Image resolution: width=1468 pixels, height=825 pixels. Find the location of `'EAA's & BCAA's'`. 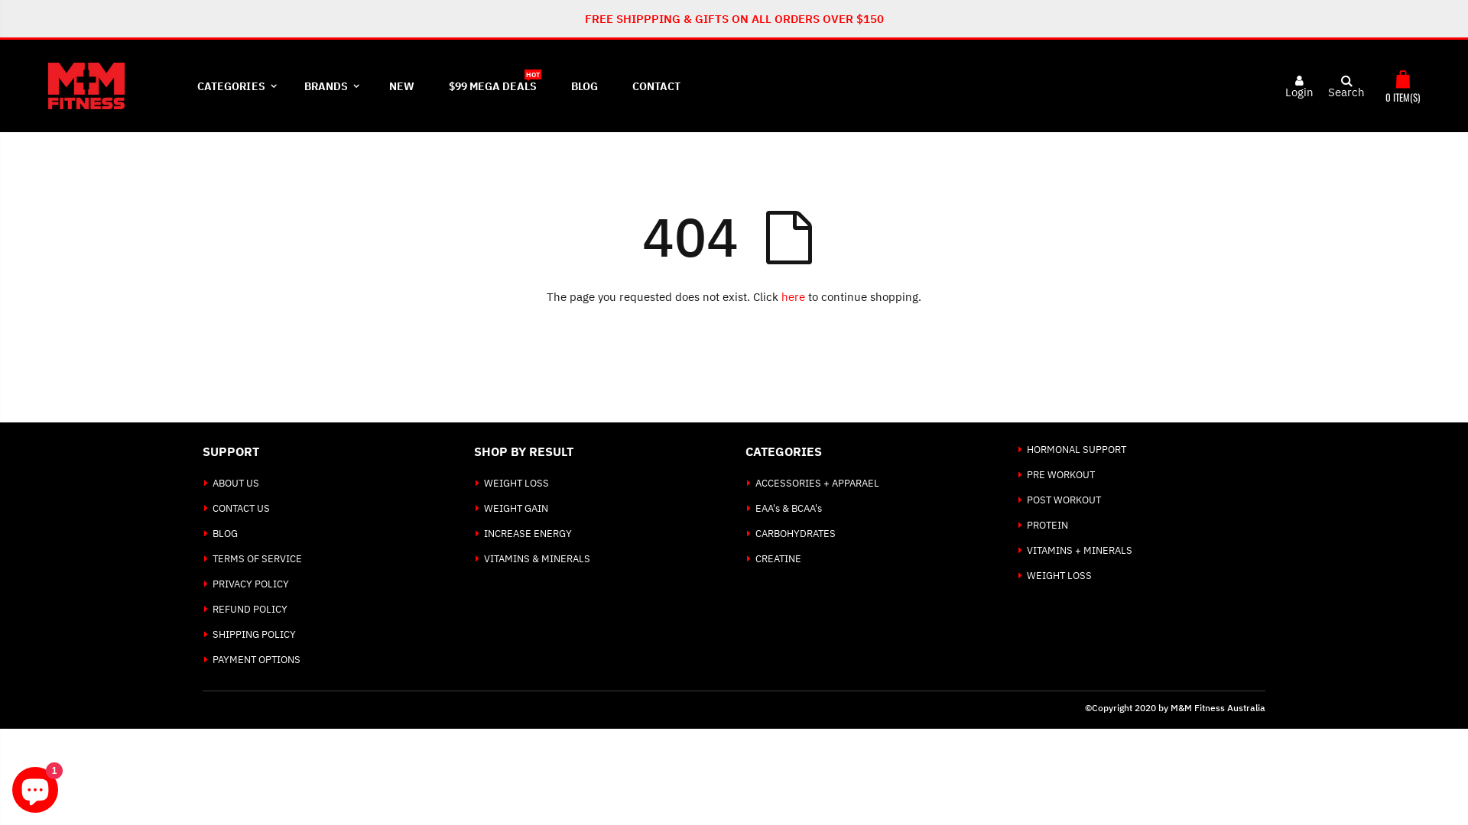

'EAA's & BCAA's' is located at coordinates (788, 508).